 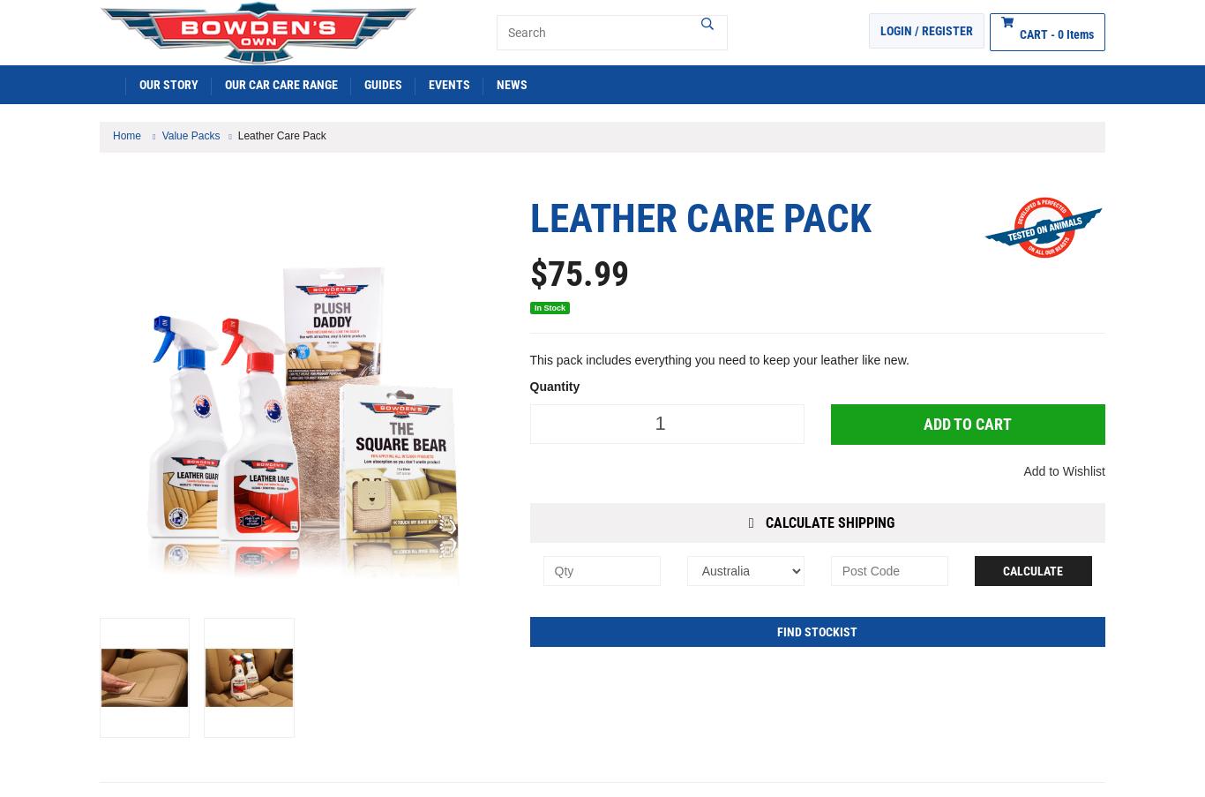 What do you see at coordinates (1064, 470) in the screenshot?
I see `'Add to Wishlist'` at bounding box center [1064, 470].